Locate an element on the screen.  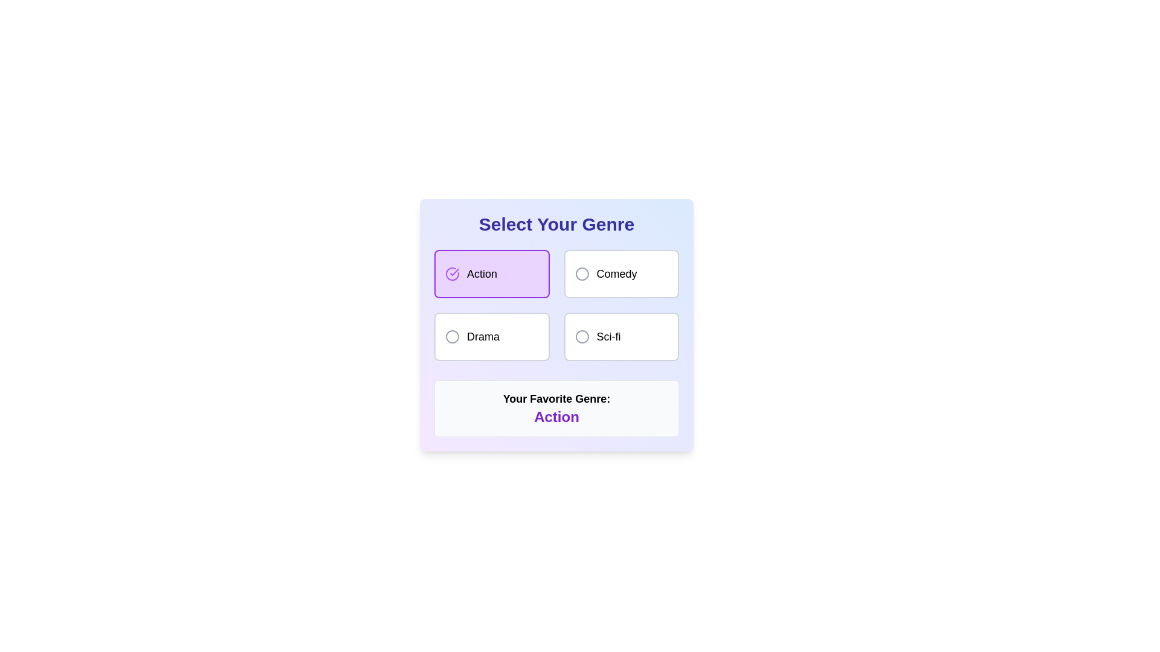
the 'Comedy' button, which is a rounded rectangular button with a white background and gray border, containing a circular icon on the left and bold text on the right is located at coordinates (621, 274).